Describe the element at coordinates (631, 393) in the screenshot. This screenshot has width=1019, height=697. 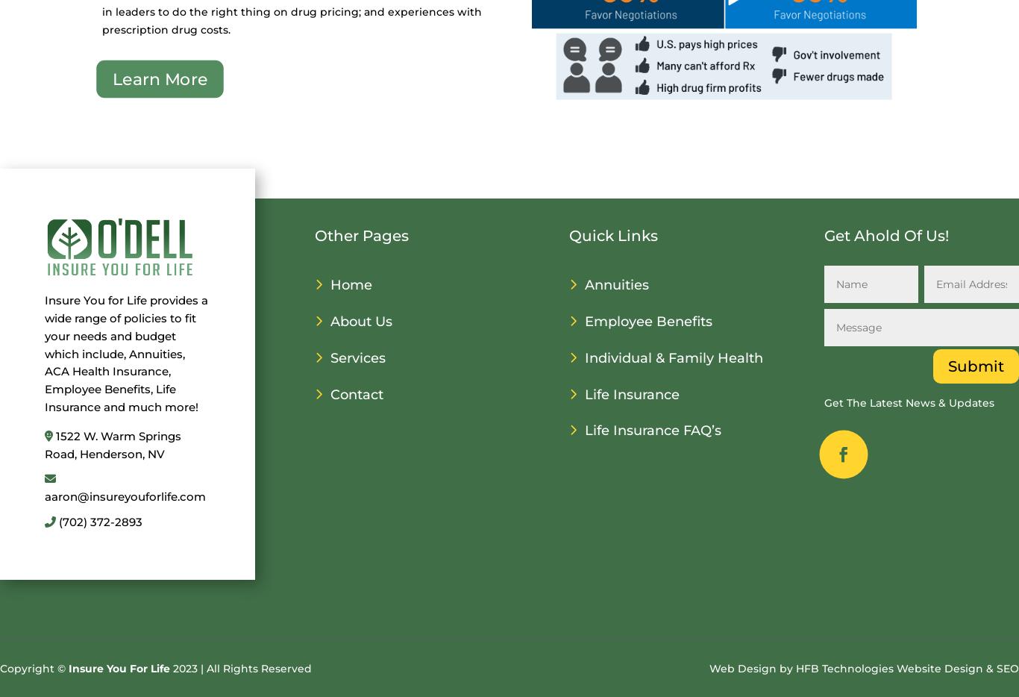
I see `'Life Insurance'` at that location.